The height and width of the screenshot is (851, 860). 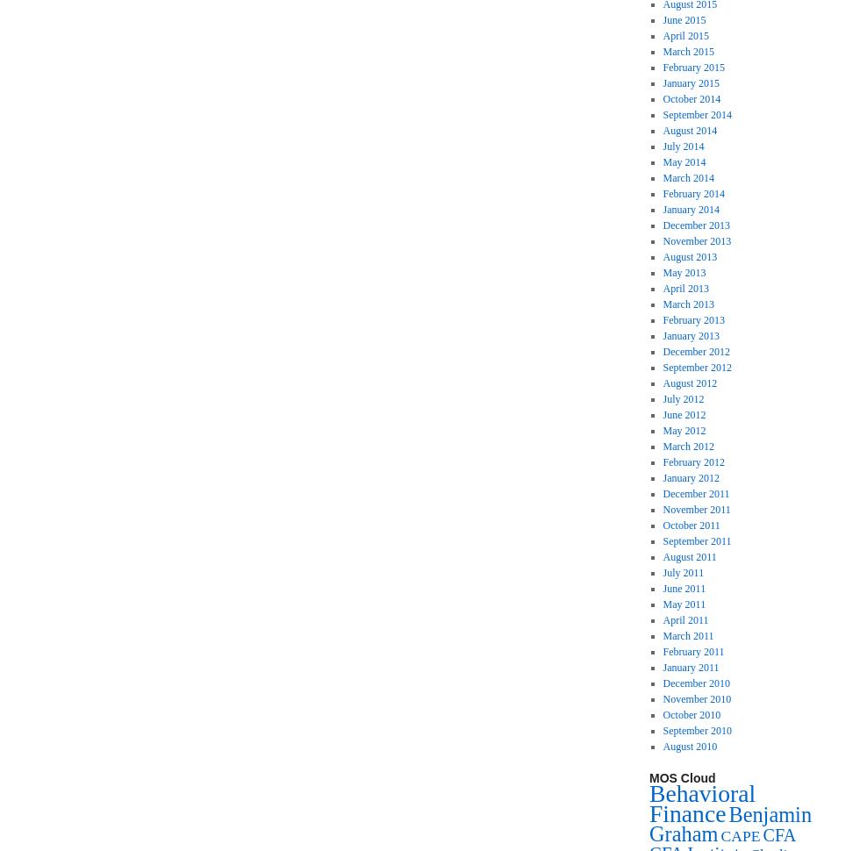 I want to click on 'May 2014', so click(x=662, y=161).